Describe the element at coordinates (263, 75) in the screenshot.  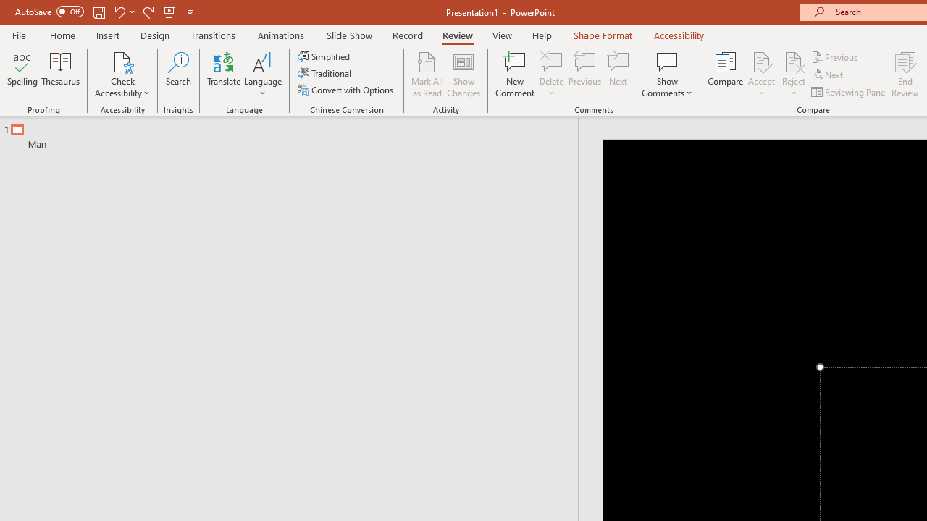
I see `'Language'` at that location.